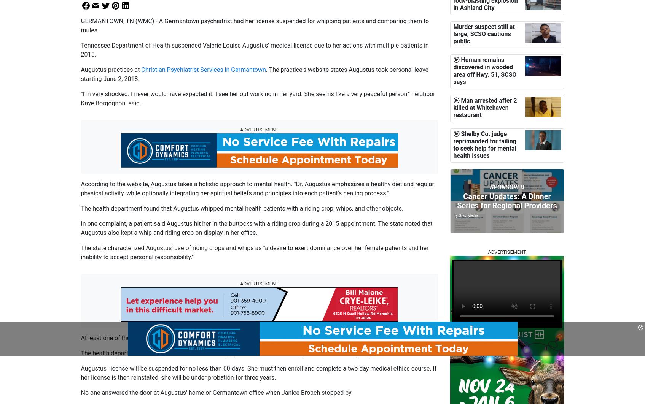 The width and height of the screenshot is (645, 404). Describe the element at coordinates (258, 372) in the screenshot. I see `'Augustus' license will be suspended for no less than 60 days. She must then enroll and complete a two day medical ethics course. If her license is then reinstated, she will be under probation for three years.'` at that location.